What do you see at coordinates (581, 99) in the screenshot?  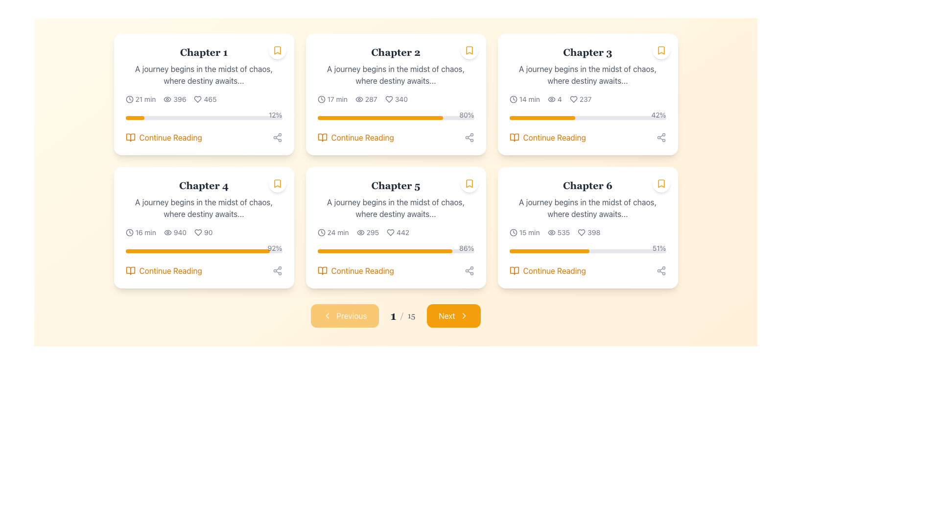 I see `the heart icon with the number '237' in muted gray color within the Chapter 3 card` at bounding box center [581, 99].